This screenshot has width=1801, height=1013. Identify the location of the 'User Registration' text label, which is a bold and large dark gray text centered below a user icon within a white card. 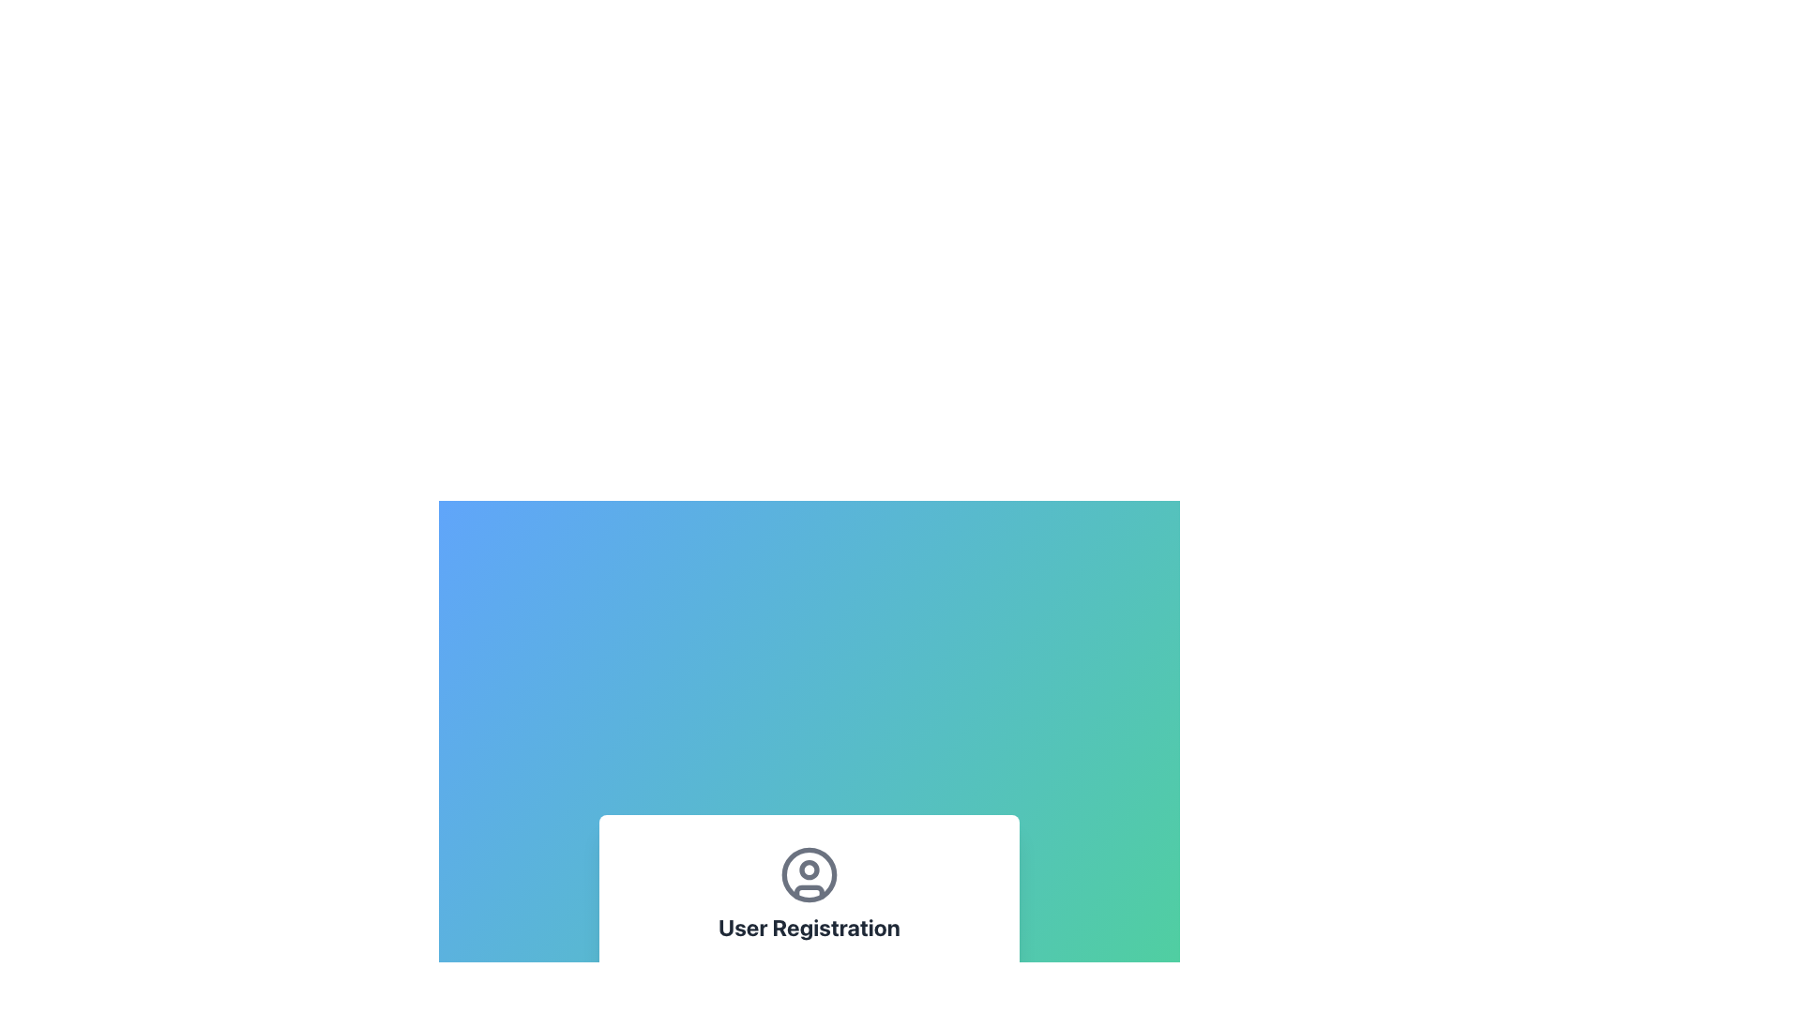
(810, 926).